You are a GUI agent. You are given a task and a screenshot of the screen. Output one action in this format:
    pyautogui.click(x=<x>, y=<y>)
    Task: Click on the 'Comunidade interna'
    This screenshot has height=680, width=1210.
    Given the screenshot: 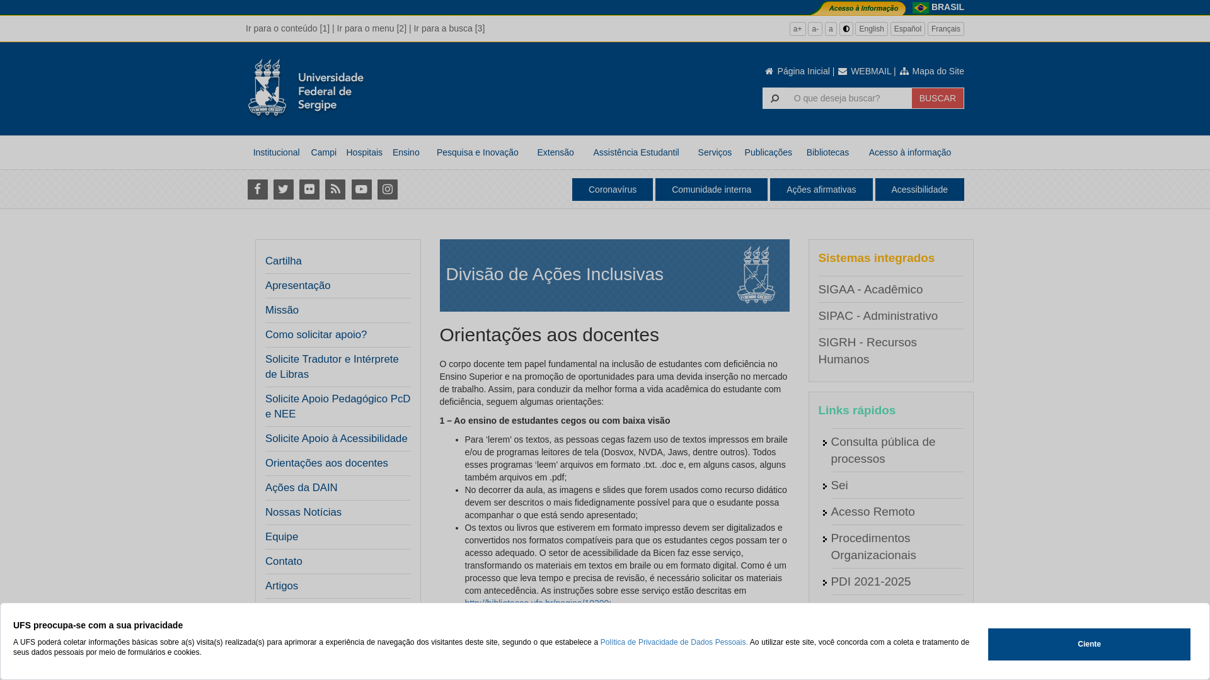 What is the action you would take?
    pyautogui.click(x=711, y=189)
    